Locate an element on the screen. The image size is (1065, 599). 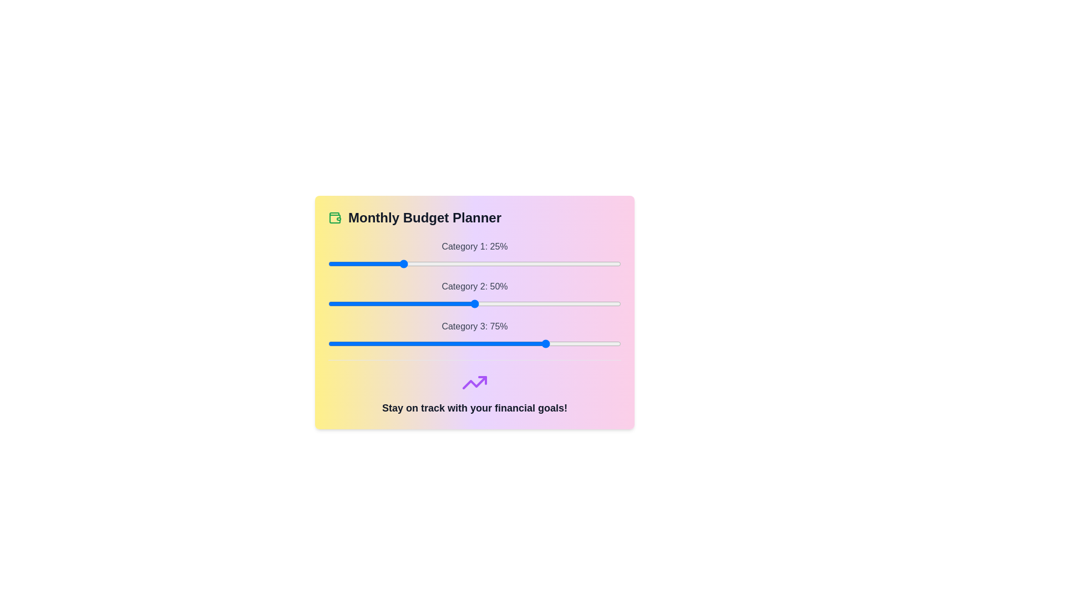
the label for Category 3 to highlight it is located at coordinates (474, 326).